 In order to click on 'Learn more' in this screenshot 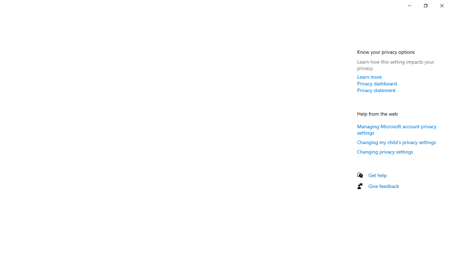, I will do `click(369, 77)`.